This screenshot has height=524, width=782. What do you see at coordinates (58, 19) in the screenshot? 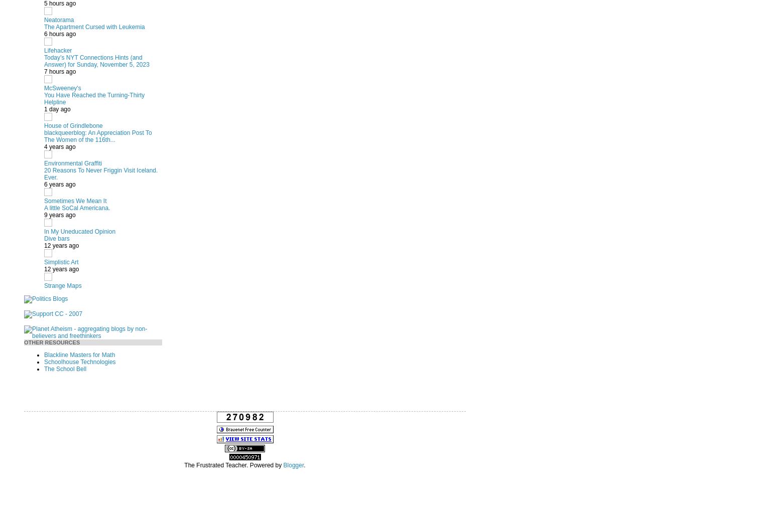
I see `'Neatorama'` at bounding box center [58, 19].